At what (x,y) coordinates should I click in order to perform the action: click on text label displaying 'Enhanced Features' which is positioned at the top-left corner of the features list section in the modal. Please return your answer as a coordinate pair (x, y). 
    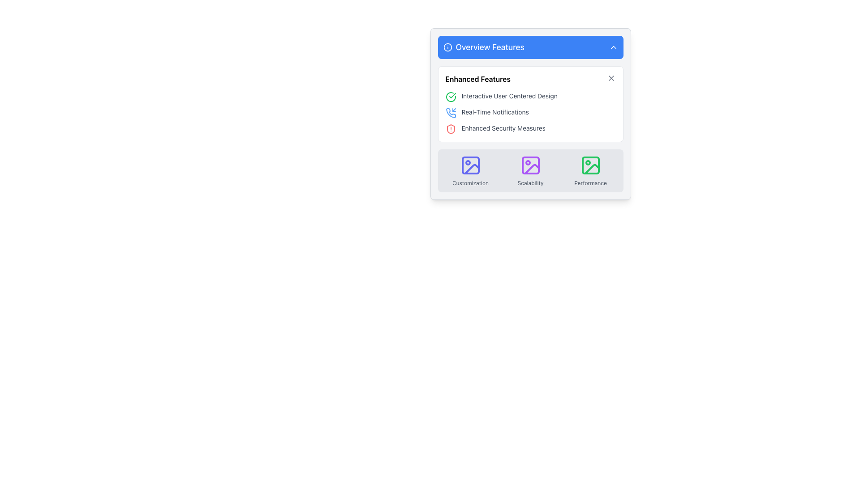
    Looking at the image, I should click on (477, 79).